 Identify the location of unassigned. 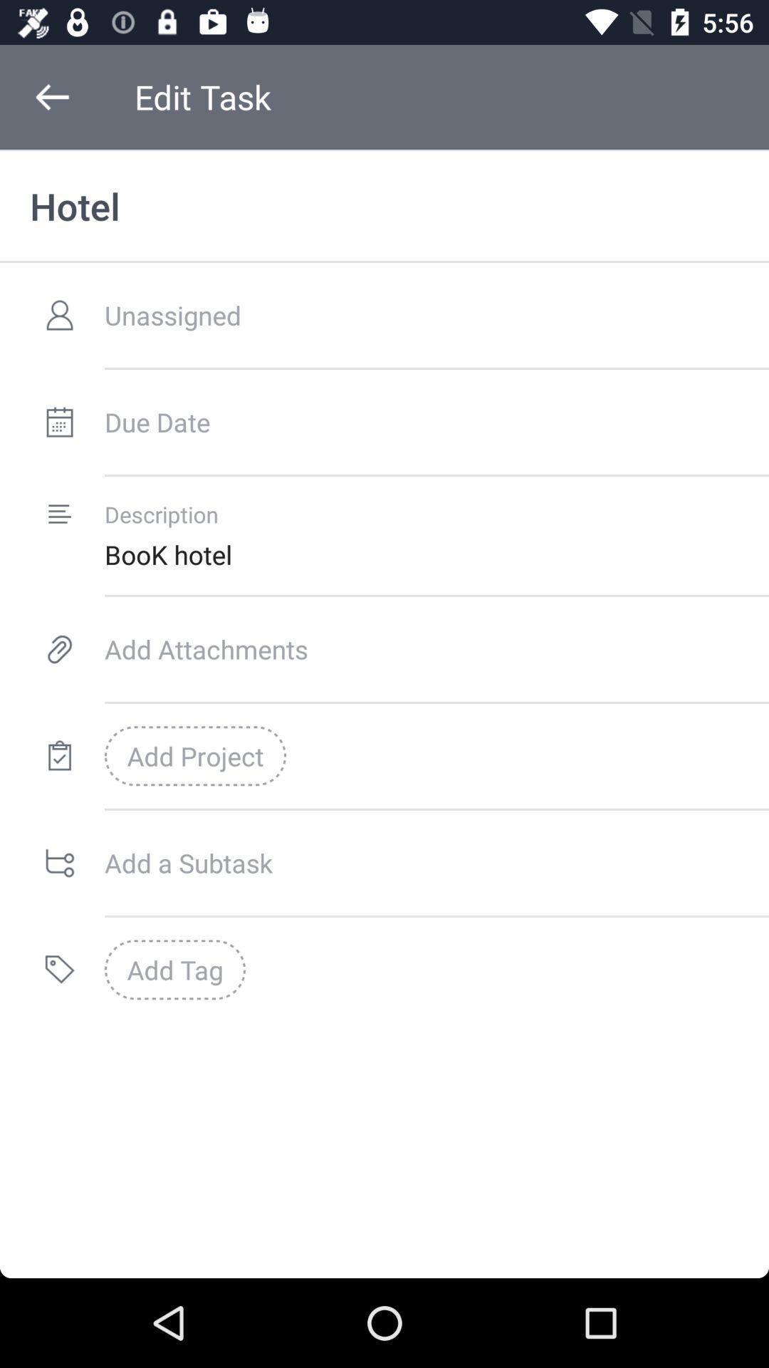
(421, 314).